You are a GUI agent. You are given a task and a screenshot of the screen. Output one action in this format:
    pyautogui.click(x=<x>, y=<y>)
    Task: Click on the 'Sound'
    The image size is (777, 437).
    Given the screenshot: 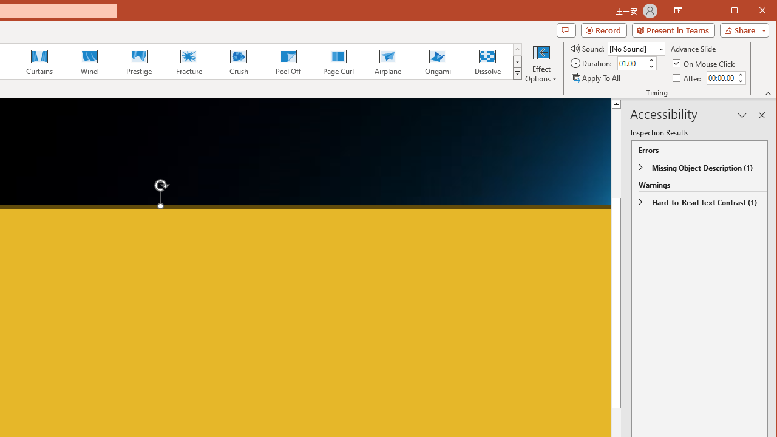 What is the action you would take?
    pyautogui.click(x=636, y=48)
    